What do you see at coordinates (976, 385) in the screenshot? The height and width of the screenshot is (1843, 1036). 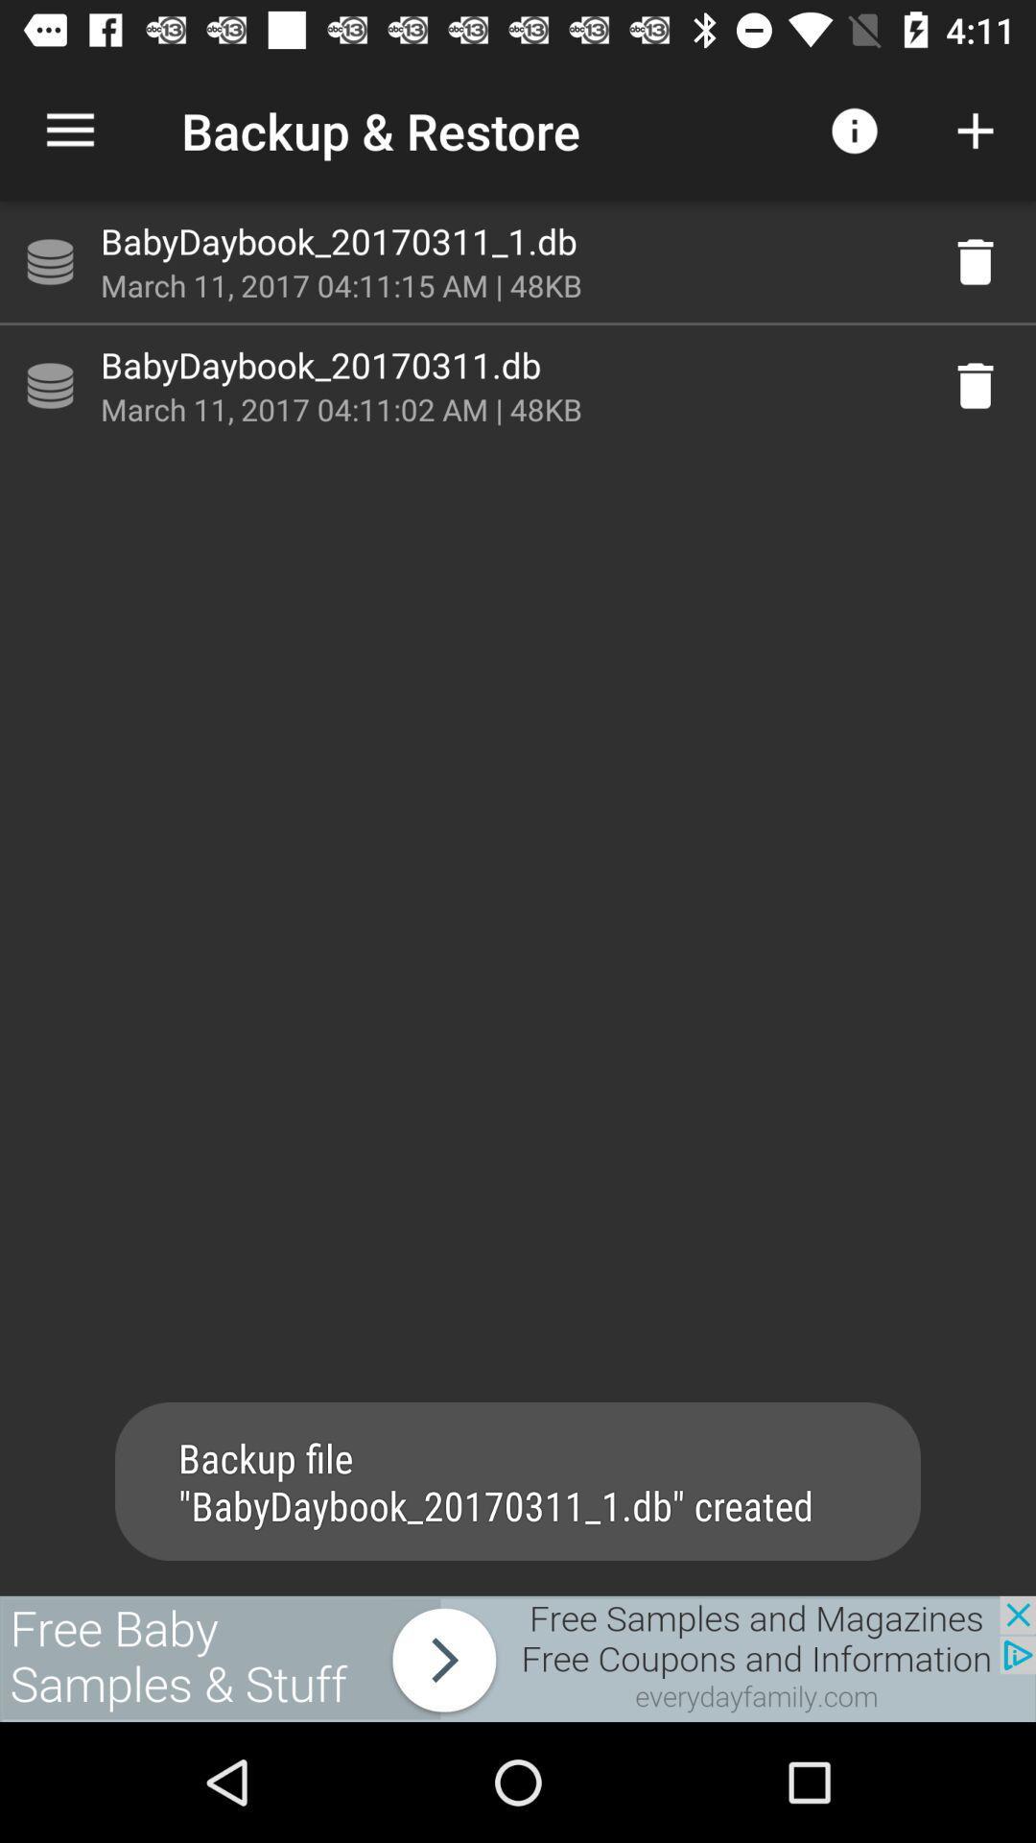 I see `trash item` at bounding box center [976, 385].